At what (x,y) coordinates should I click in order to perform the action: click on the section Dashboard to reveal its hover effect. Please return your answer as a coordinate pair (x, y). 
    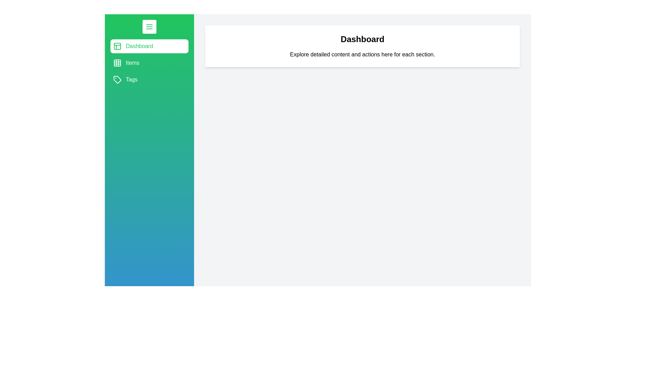
    Looking at the image, I should click on (149, 46).